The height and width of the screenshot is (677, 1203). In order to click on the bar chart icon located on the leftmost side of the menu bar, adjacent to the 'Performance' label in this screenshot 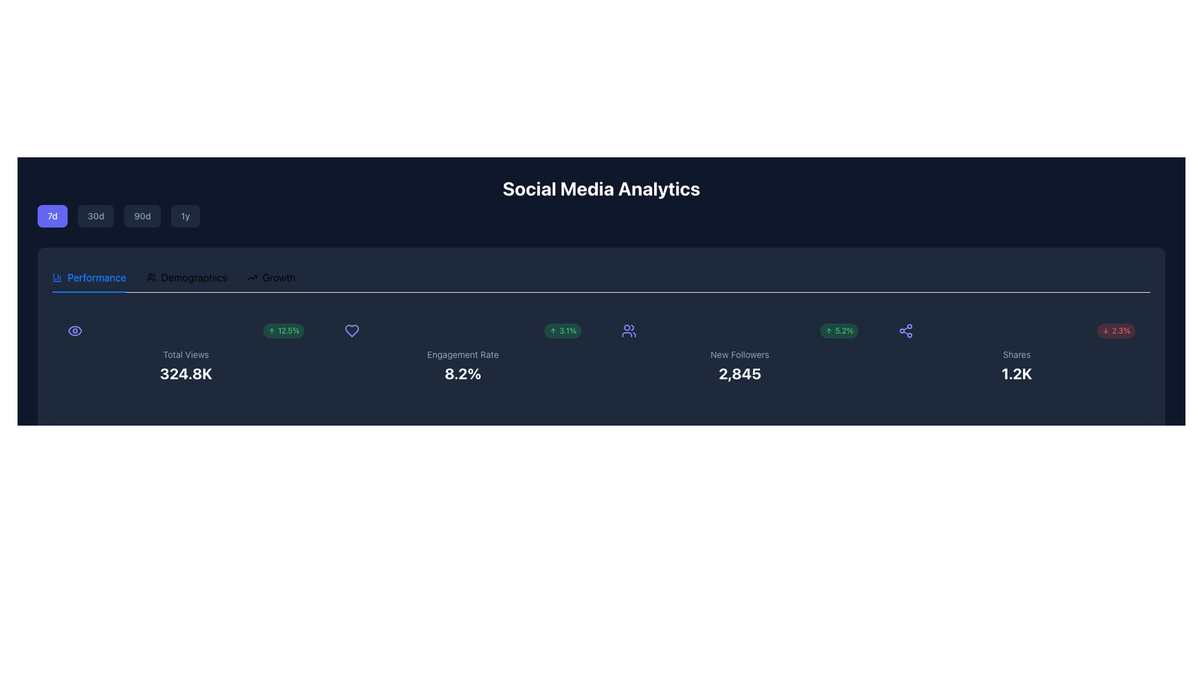, I will do `click(56, 277)`.